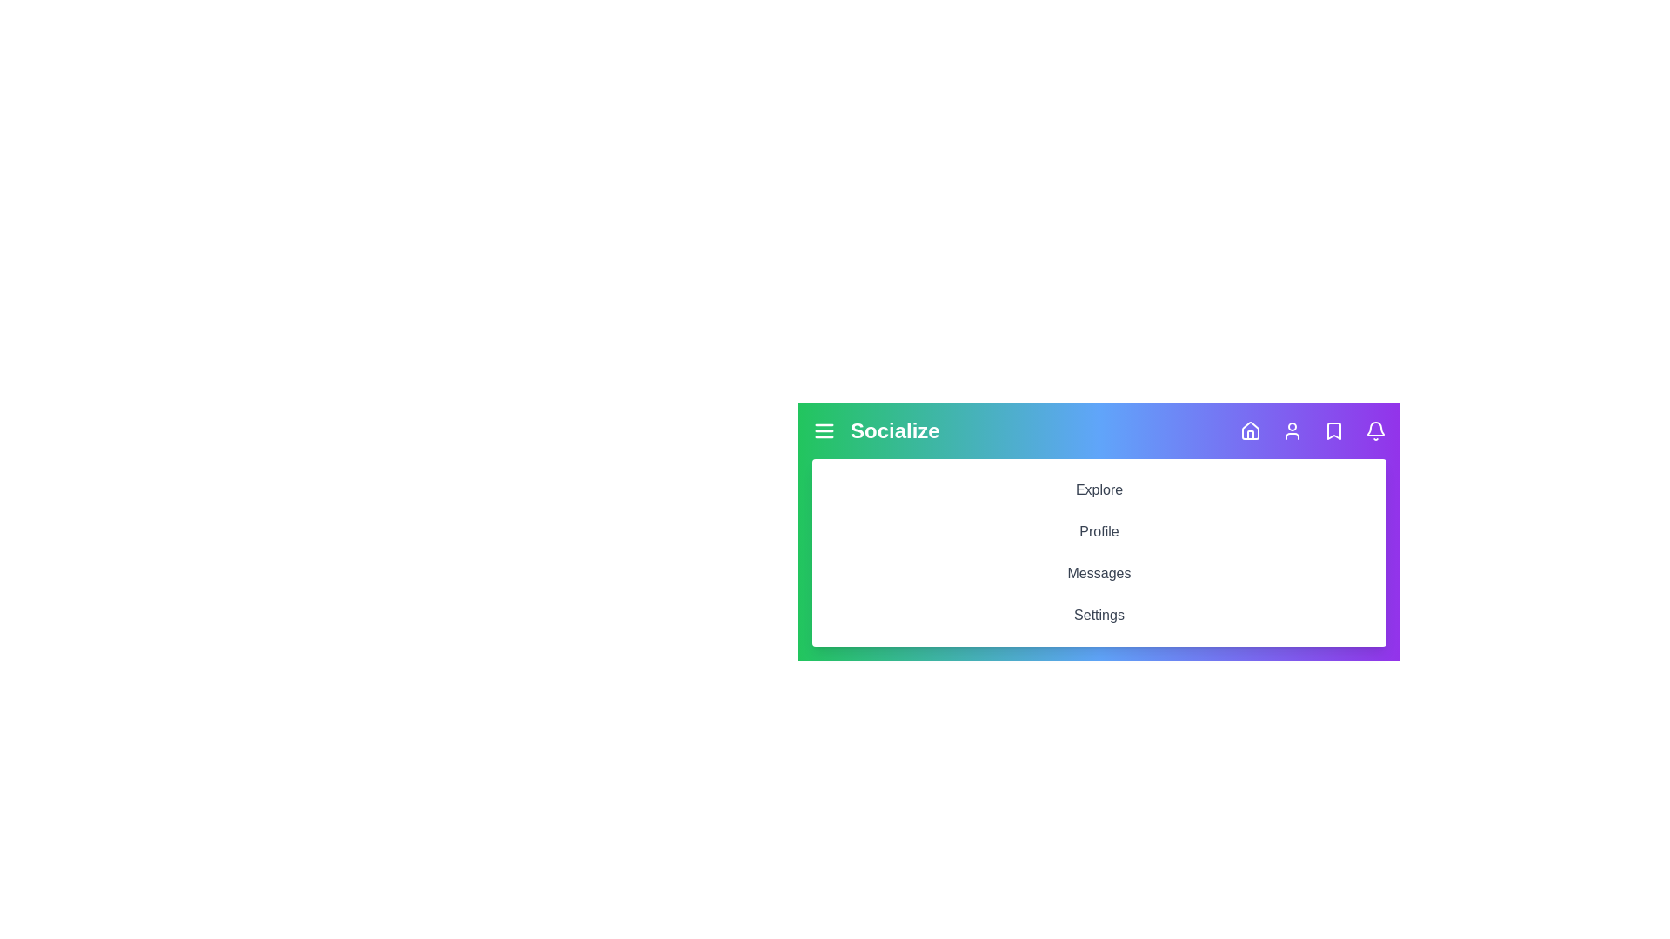 This screenshot has width=1670, height=939. What do you see at coordinates (1250, 430) in the screenshot?
I see `the navigation bar icon to navigate to Home` at bounding box center [1250, 430].